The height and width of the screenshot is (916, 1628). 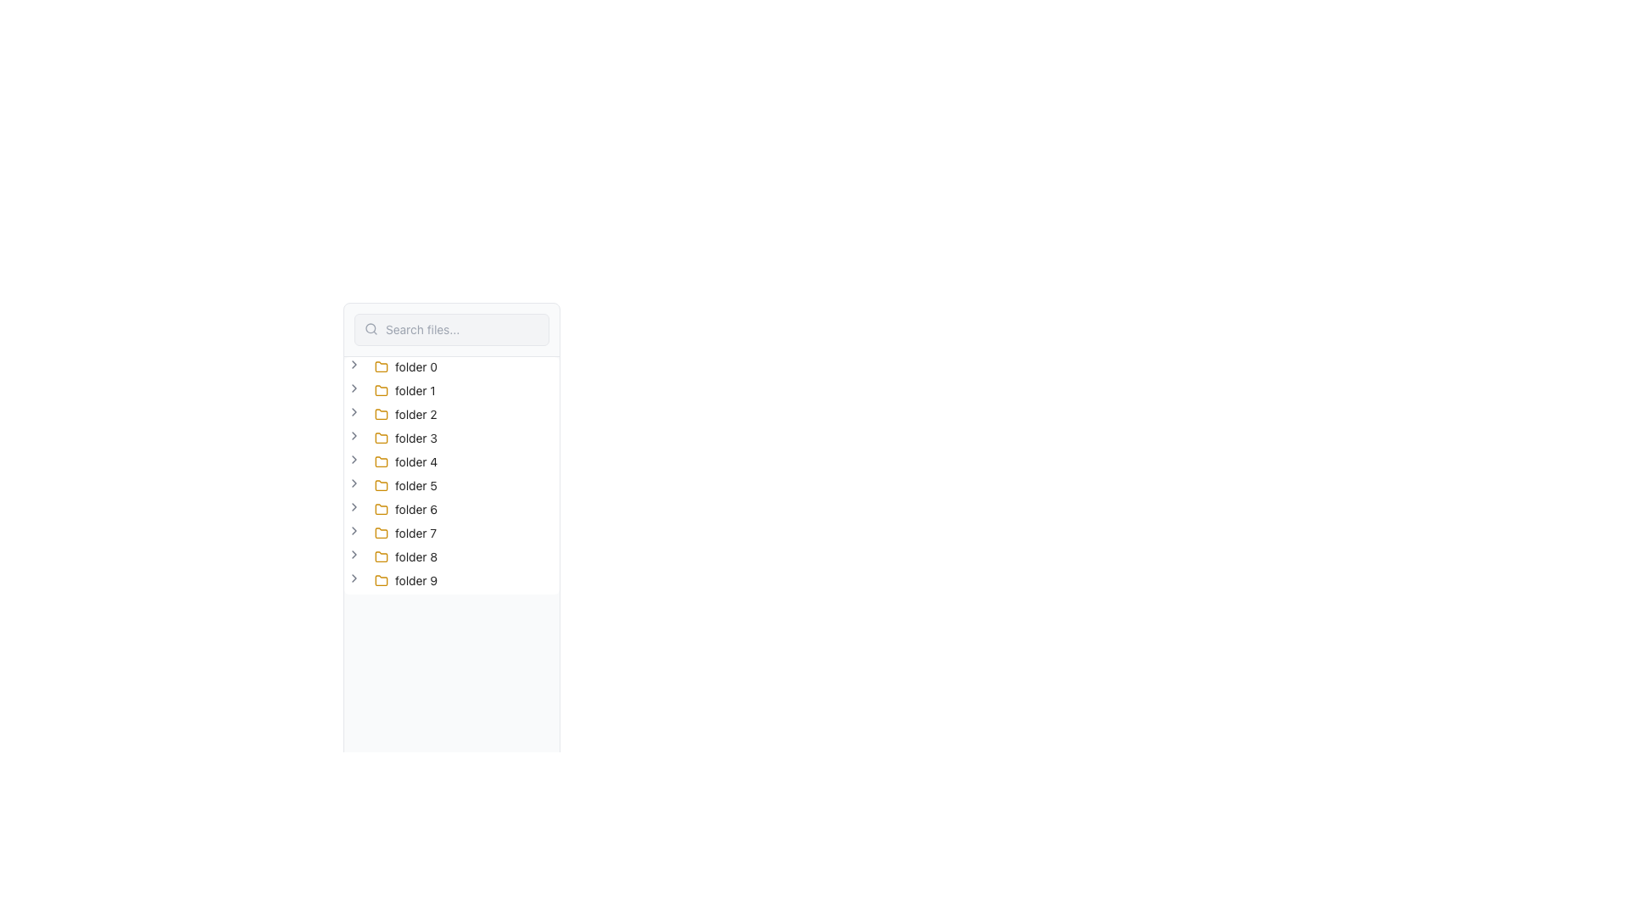 I want to click on the text label of the fourth folder entry in the listing, so click(x=416, y=461).